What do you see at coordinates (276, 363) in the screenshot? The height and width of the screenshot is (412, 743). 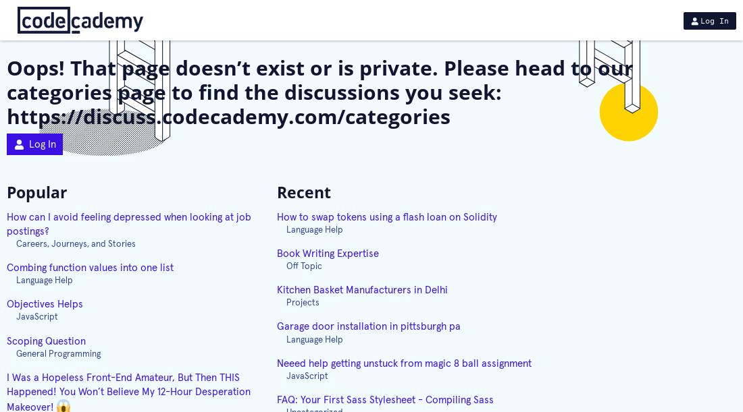 I see `'Neeed help getting unstuck from magic 8 ball assignment'` at bounding box center [276, 363].